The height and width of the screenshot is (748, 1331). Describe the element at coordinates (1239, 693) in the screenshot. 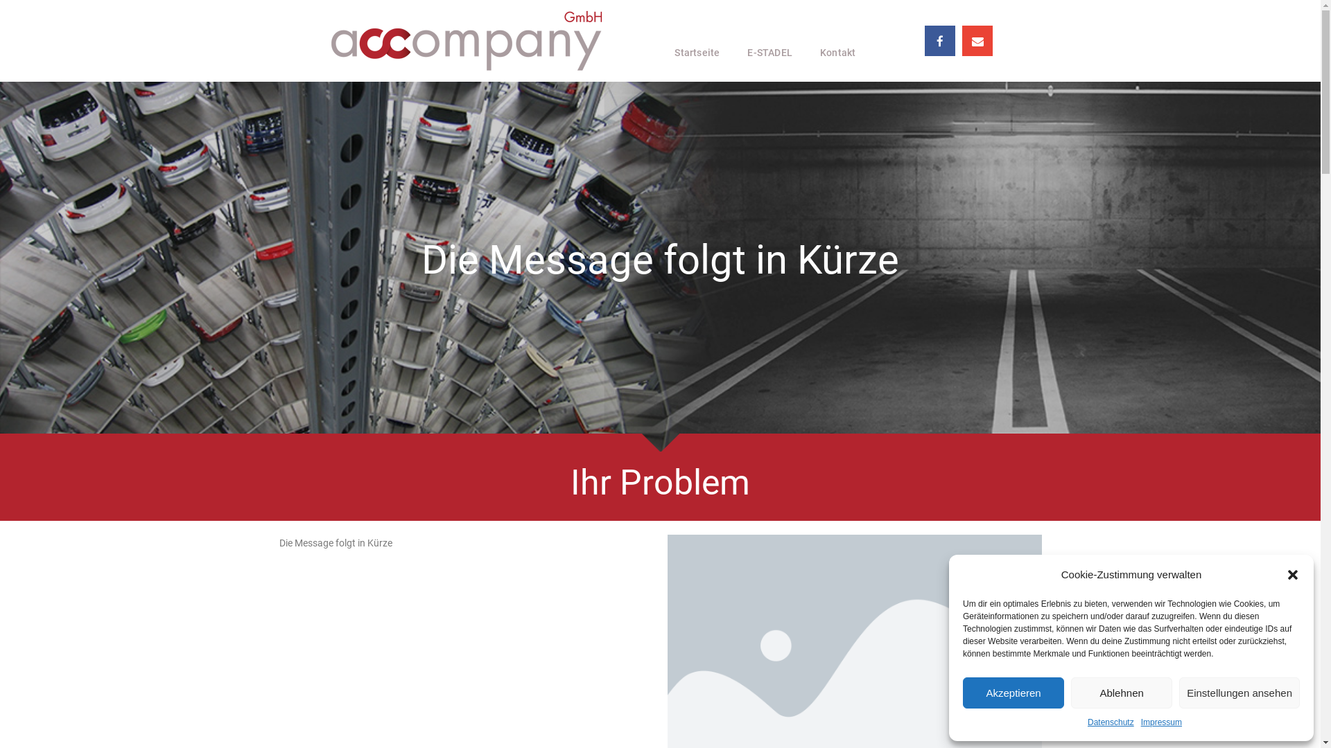

I see `'Einstellungen ansehen'` at that location.